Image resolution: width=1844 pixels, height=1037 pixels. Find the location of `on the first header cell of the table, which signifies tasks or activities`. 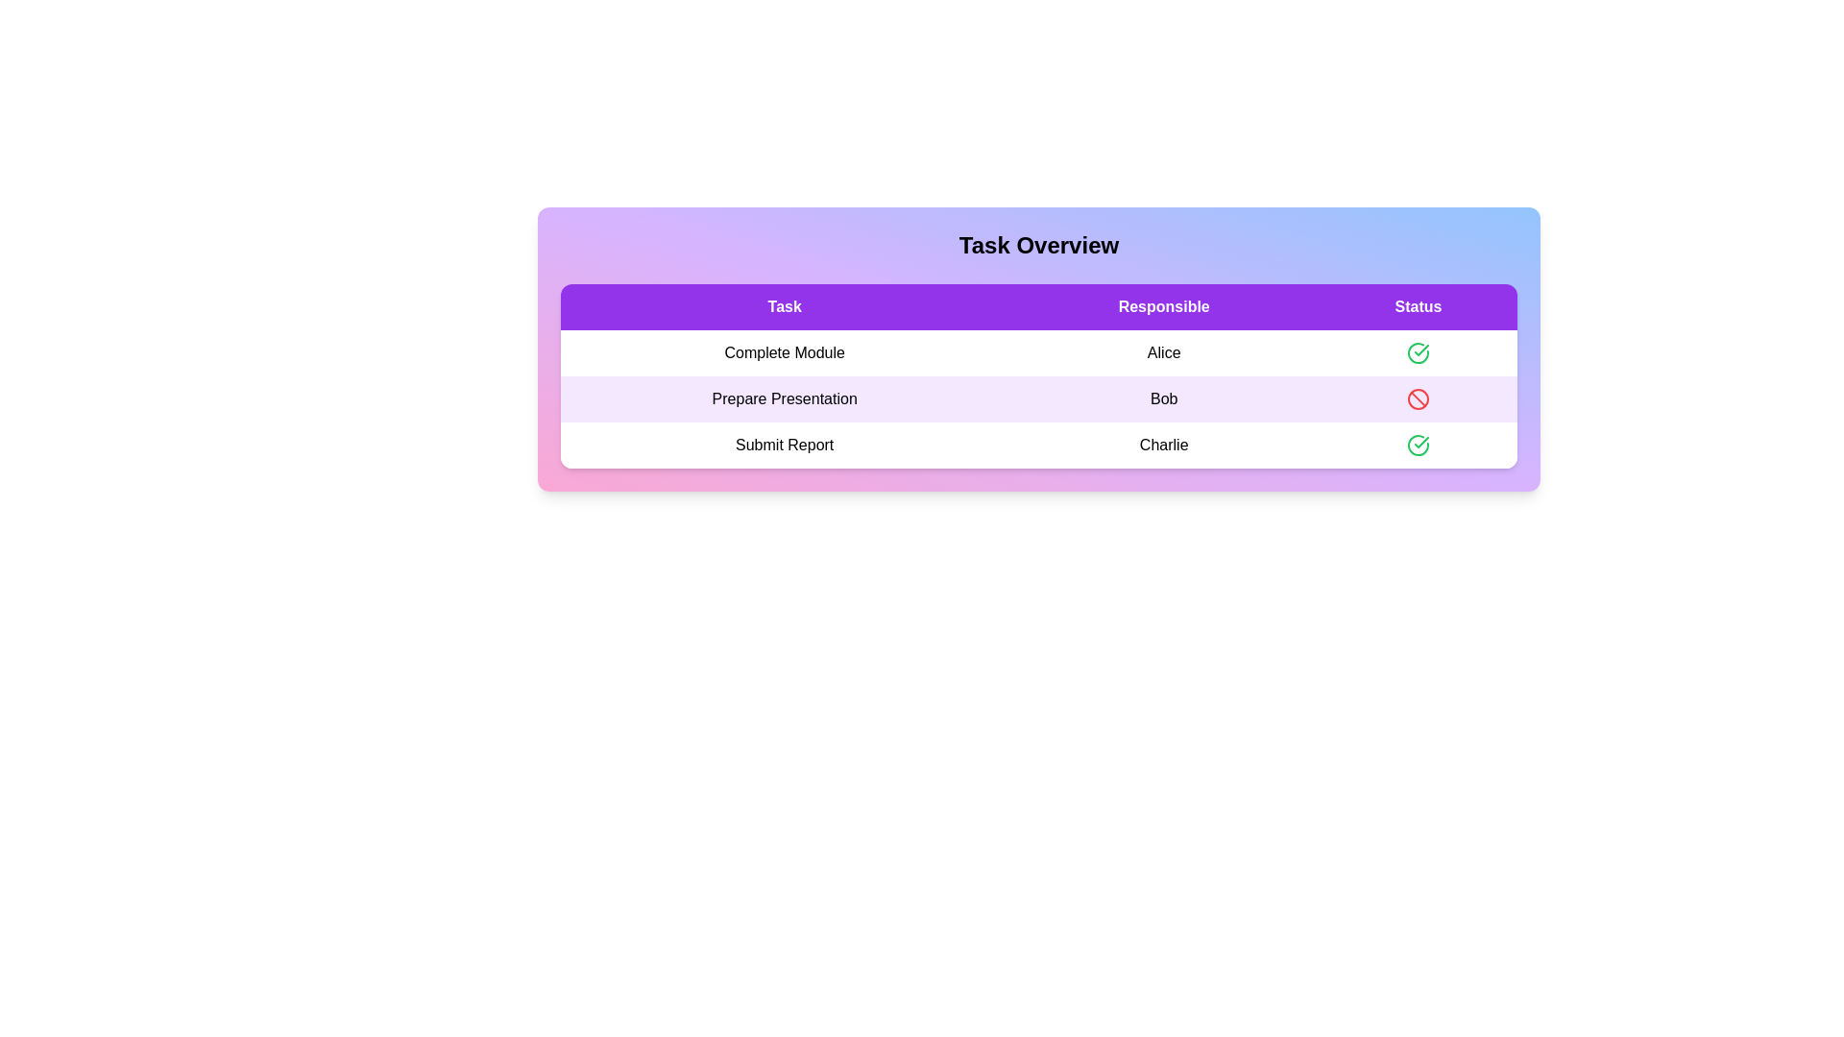

on the first header cell of the table, which signifies tasks or activities is located at coordinates (784, 306).